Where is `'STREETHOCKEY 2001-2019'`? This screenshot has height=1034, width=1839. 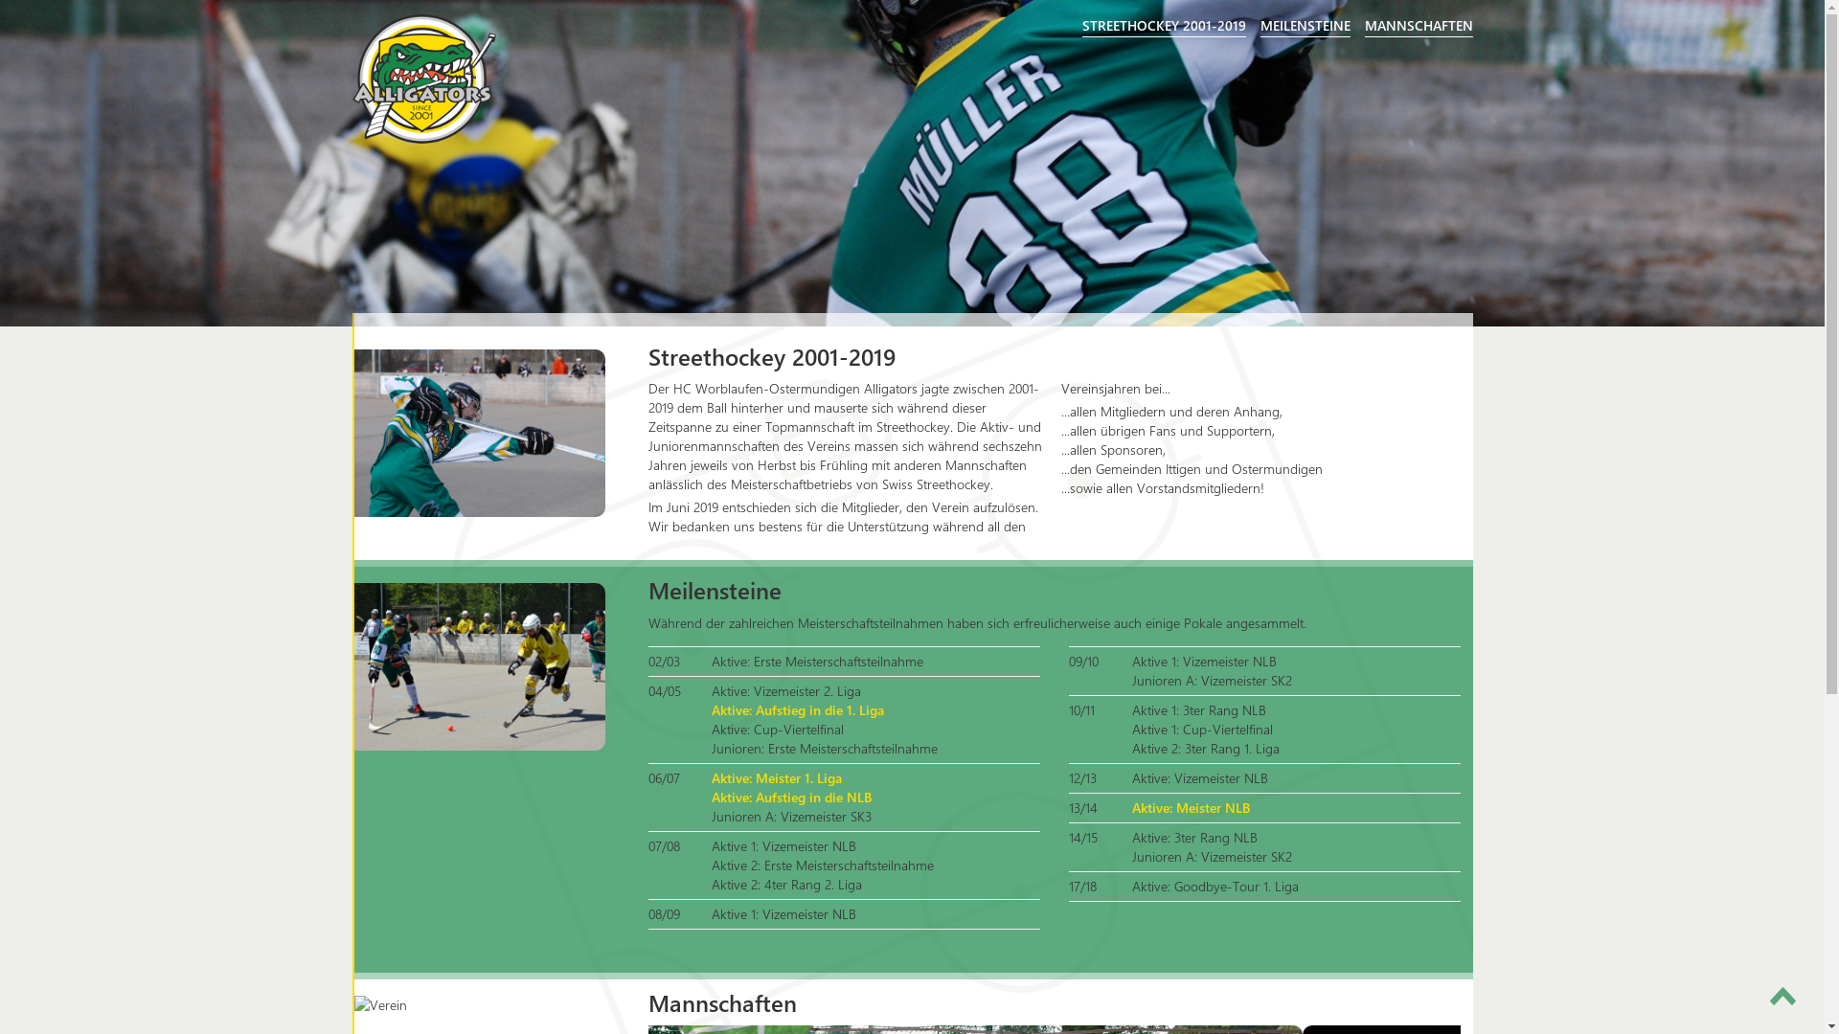
'STREETHOCKEY 2001-2019' is located at coordinates (1163, 26).